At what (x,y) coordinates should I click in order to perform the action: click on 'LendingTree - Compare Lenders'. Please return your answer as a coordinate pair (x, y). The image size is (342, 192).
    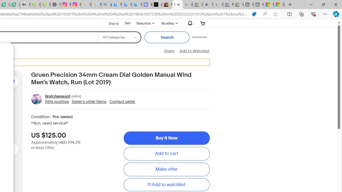
    Looking at the image, I should click on (15, 5).